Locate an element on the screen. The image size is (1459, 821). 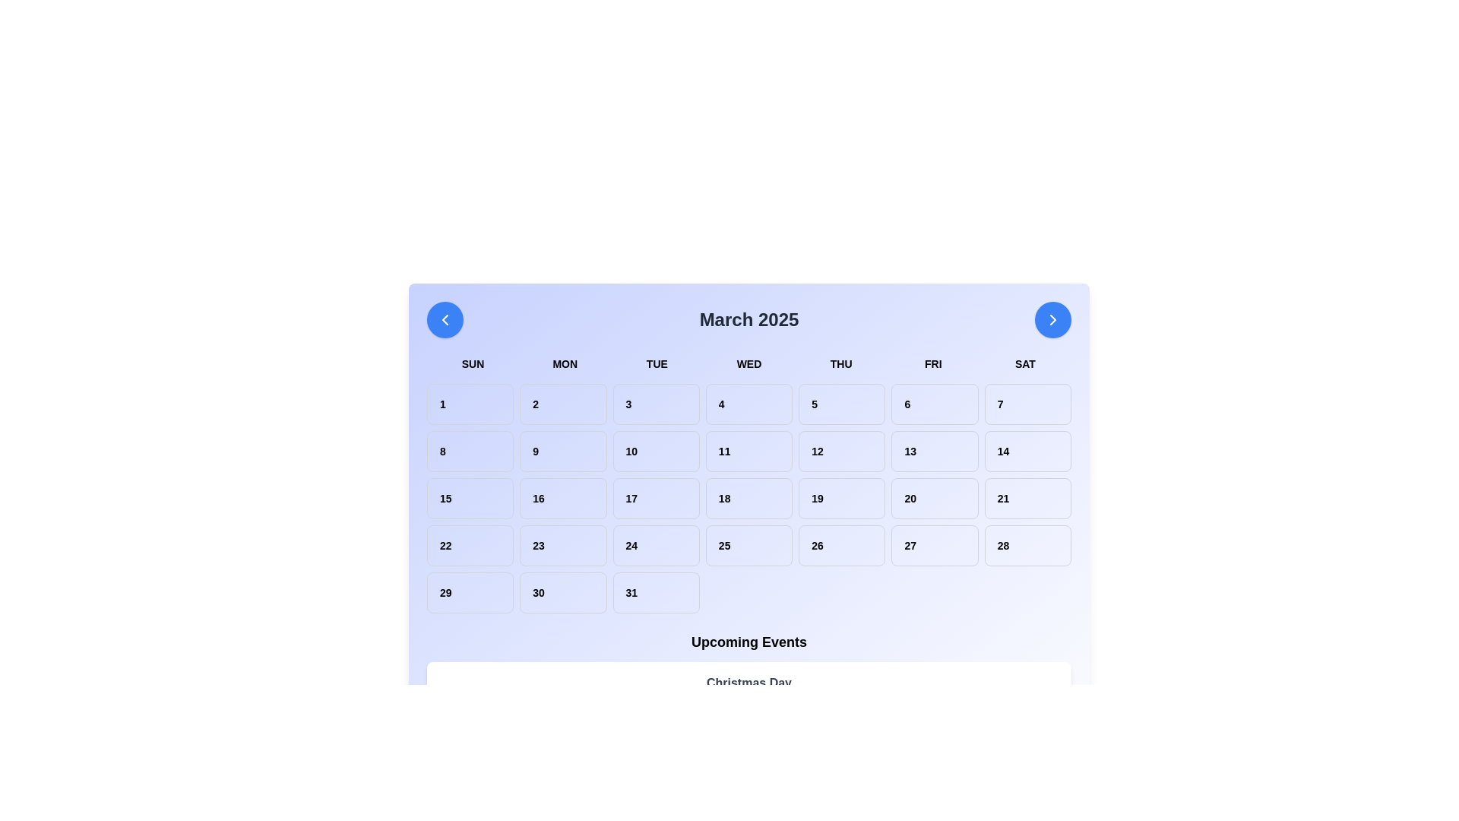
the button representing the 8th day of the month is located at coordinates (470, 451).